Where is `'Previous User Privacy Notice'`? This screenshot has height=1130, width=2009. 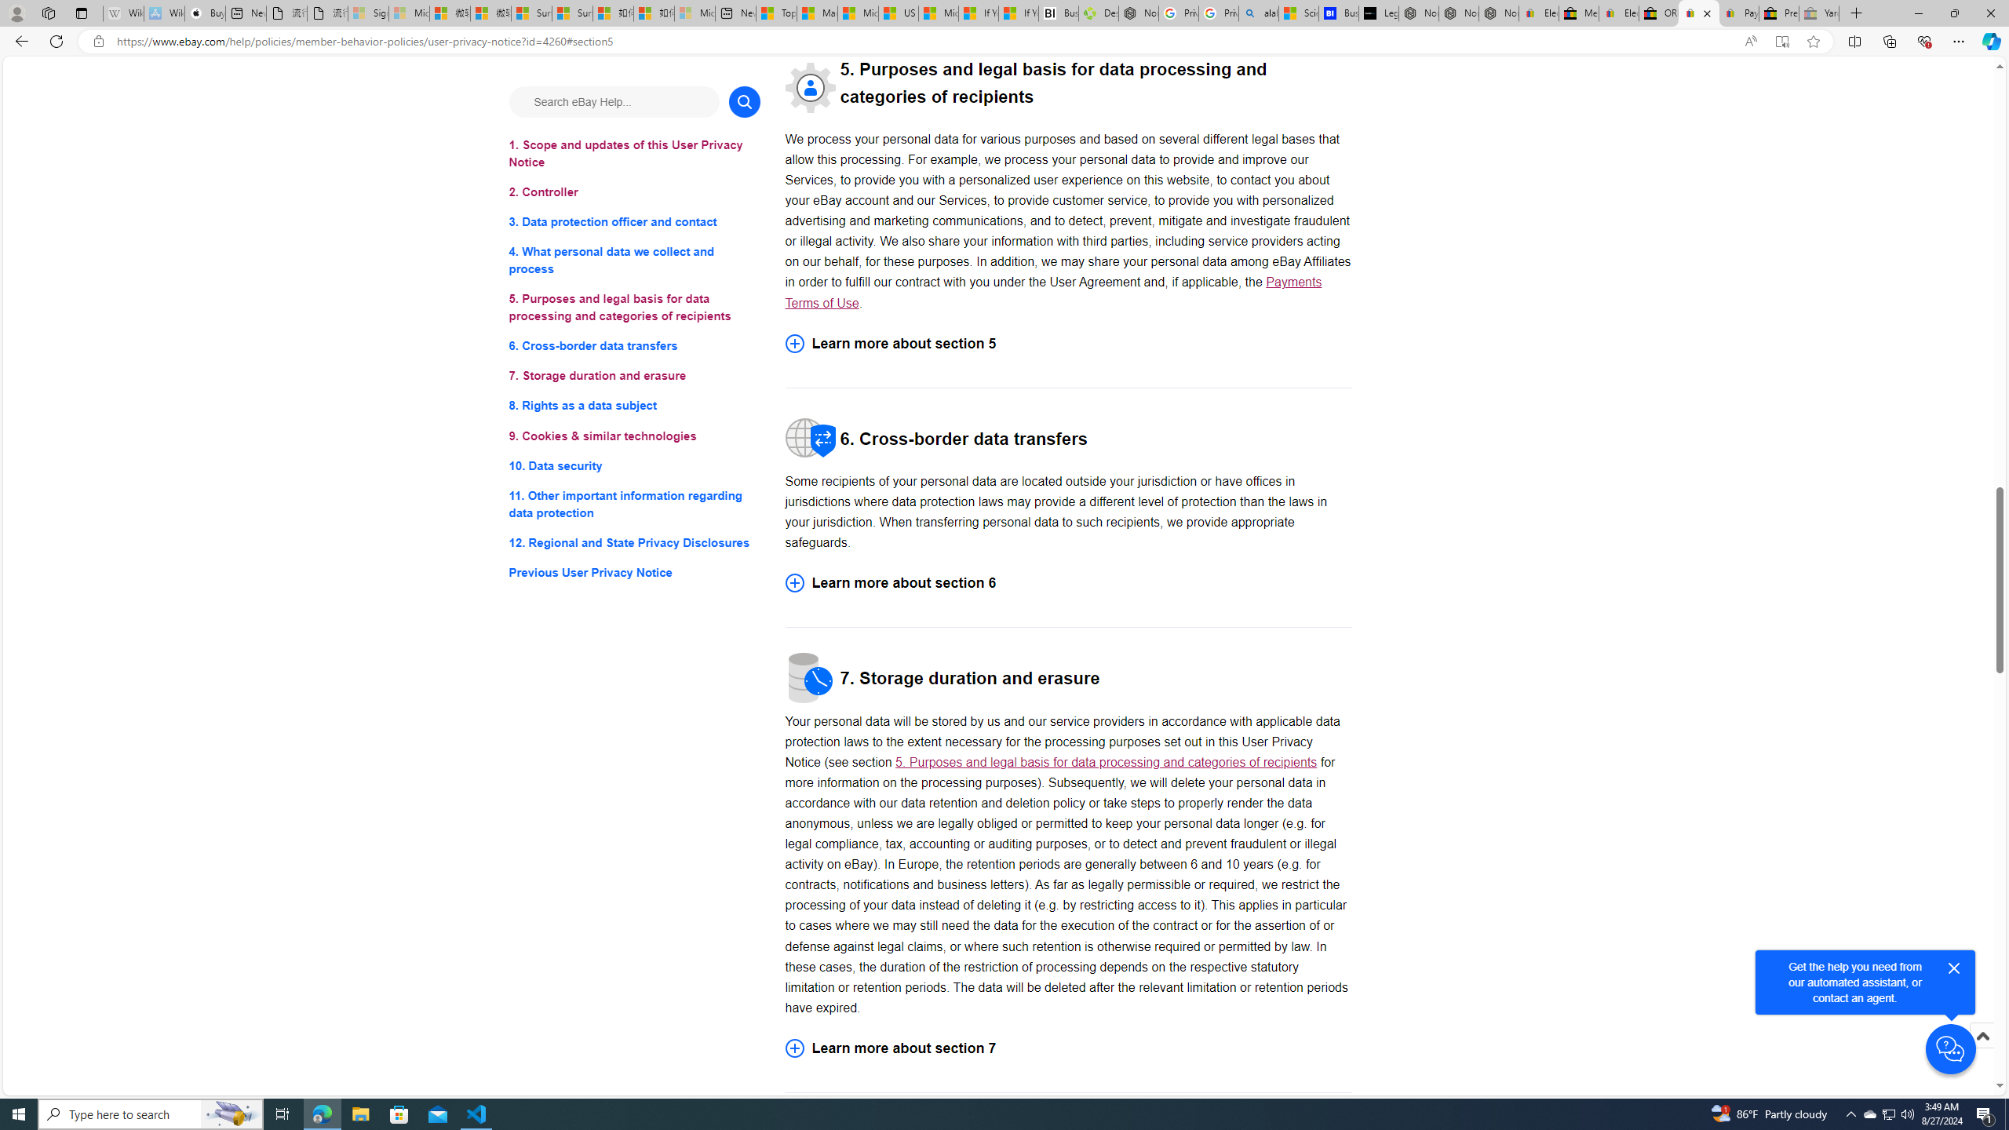
'Previous User Privacy Notice' is located at coordinates (633, 572).